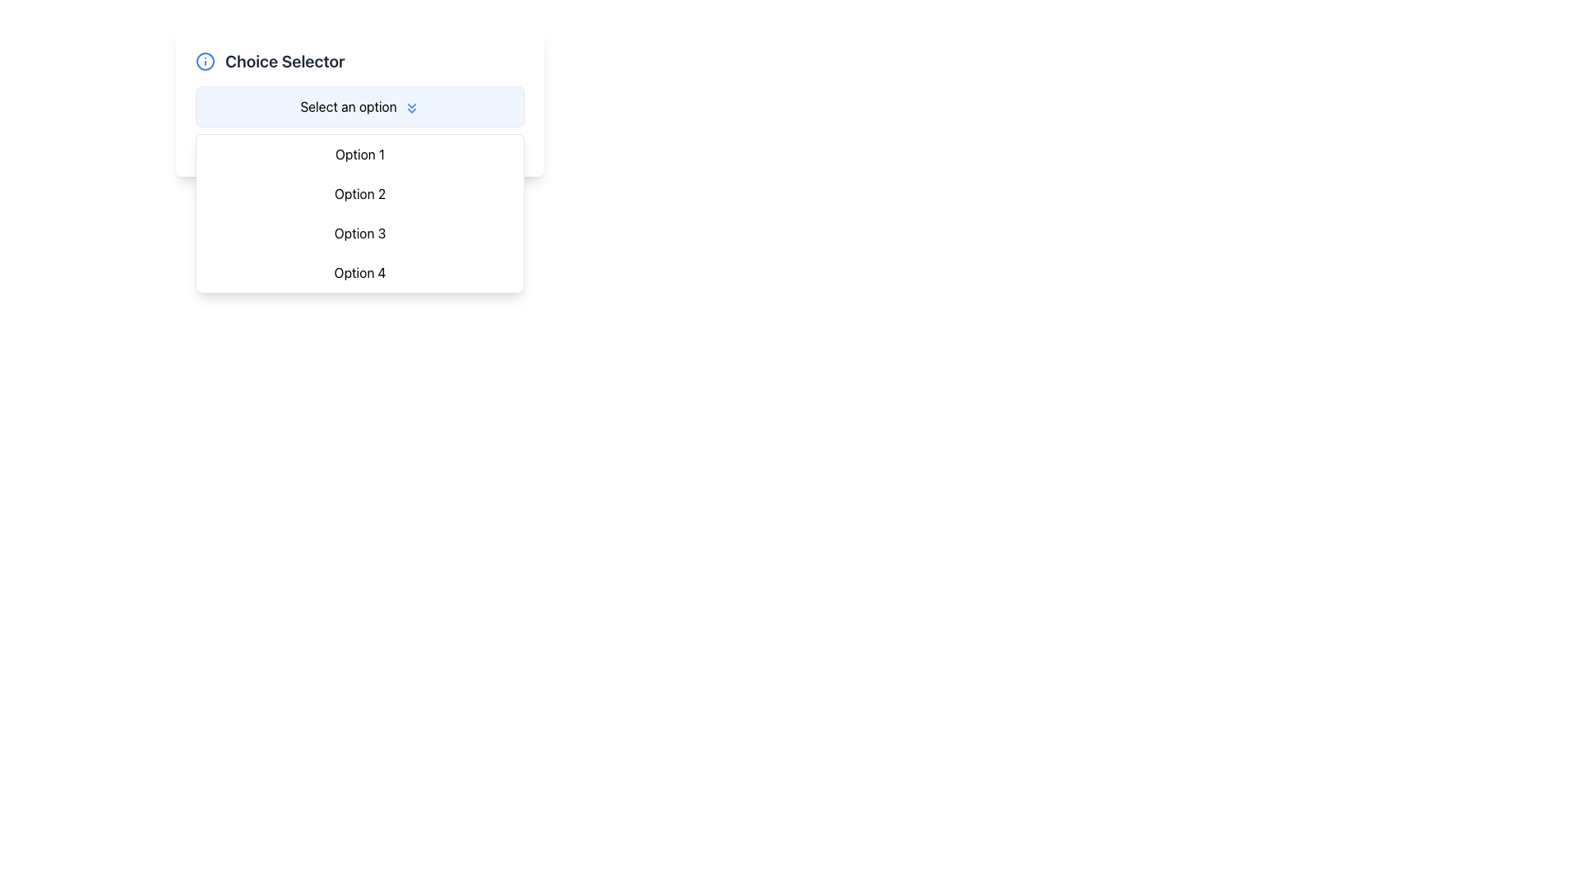 This screenshot has height=888, width=1579. I want to click on the third option in the dropdown menu that allows users to select this option, so click(359, 234).